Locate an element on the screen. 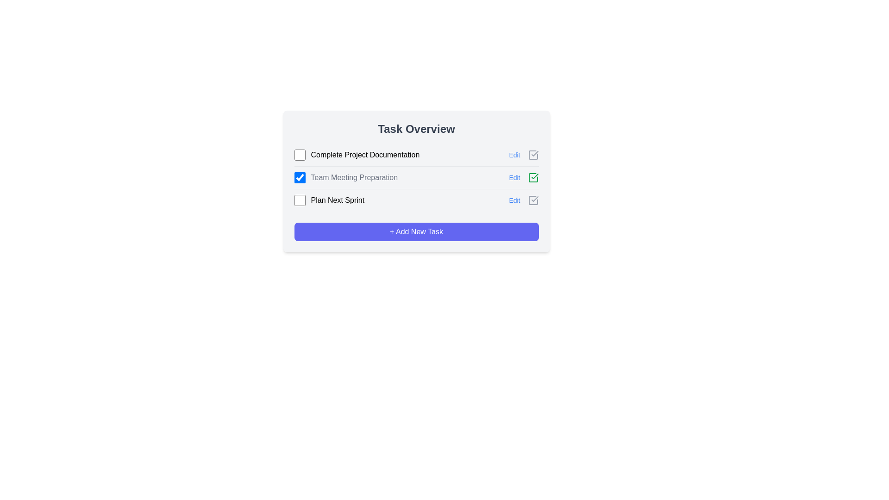  'Edit' button for the task Complete Project Documentation is located at coordinates (514, 155).